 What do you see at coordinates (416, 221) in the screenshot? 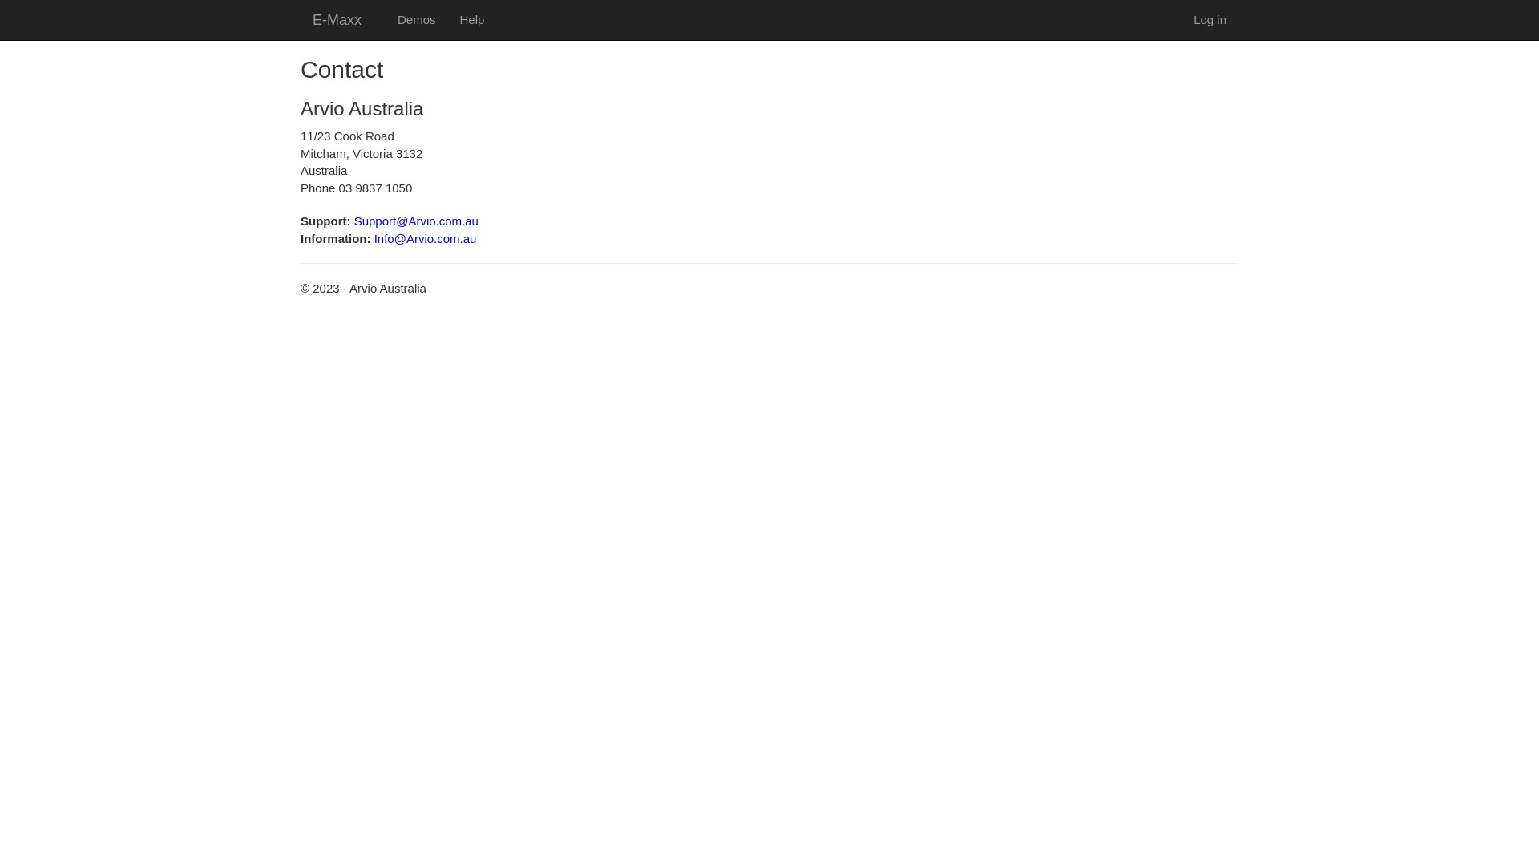
I see `'Support@Arvio.com.au'` at bounding box center [416, 221].